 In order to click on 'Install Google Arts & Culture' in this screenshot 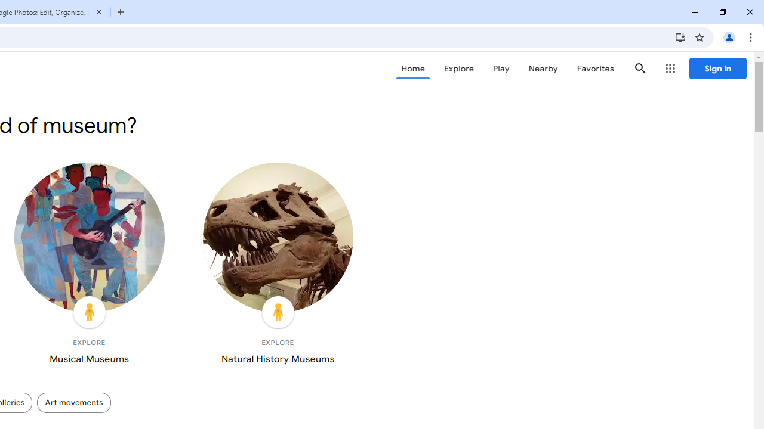, I will do `click(680, 36)`.